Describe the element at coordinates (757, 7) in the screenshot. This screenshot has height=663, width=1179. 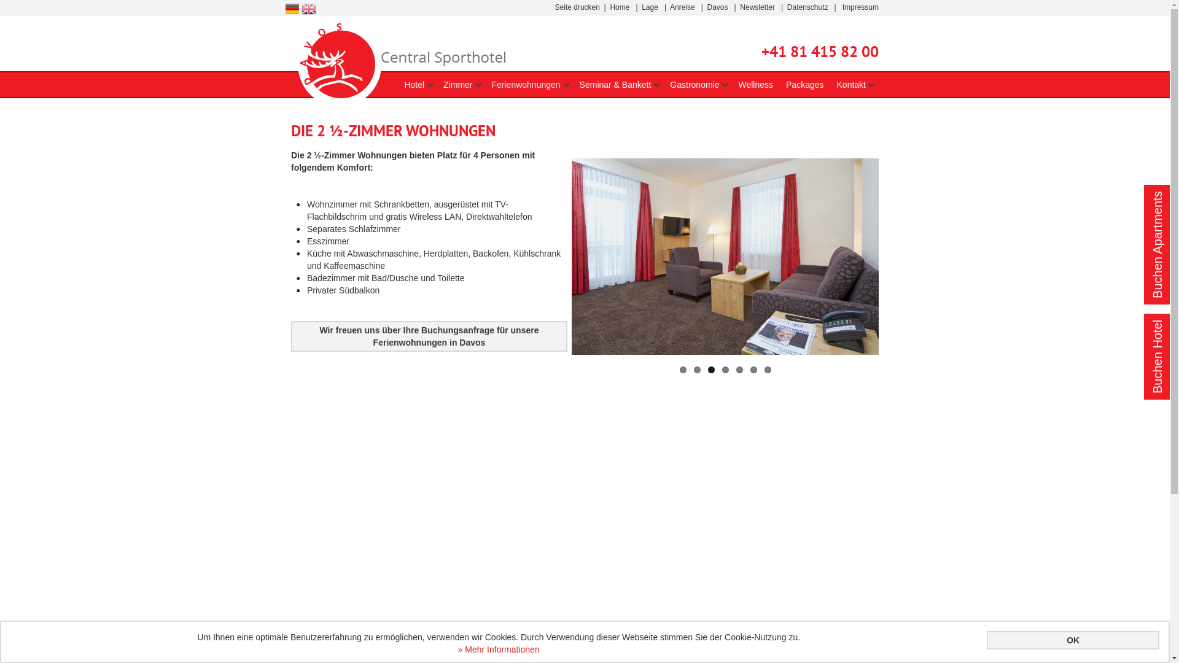
I see `'Newsletter'` at that location.